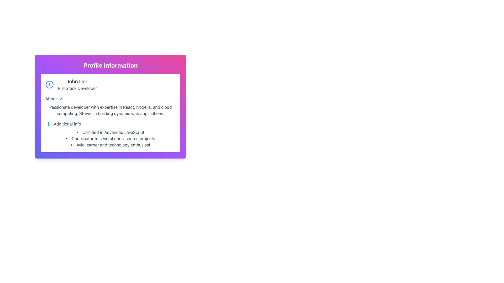 This screenshot has height=283, width=504. I want to click on the icon located to the immediate left of the text 'John Doe' in the header section of the profile card, which is styled with a purple gradient and titled 'Profile Information', so click(49, 84).